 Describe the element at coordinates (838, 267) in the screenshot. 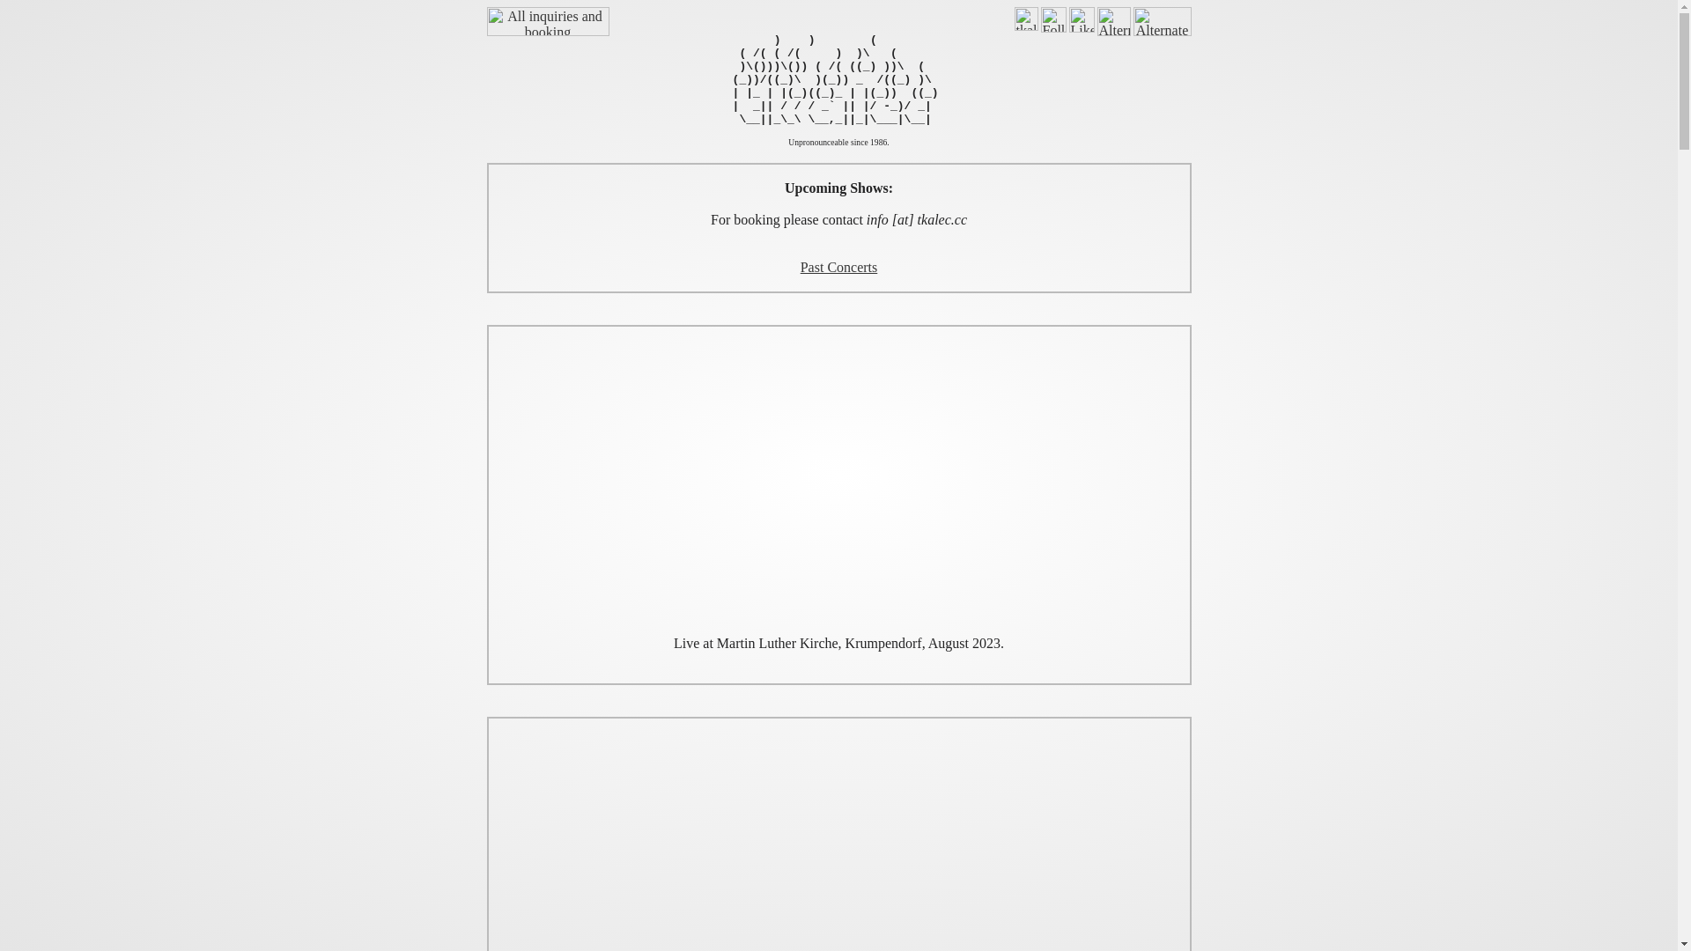

I see `'Past Concerts'` at that location.